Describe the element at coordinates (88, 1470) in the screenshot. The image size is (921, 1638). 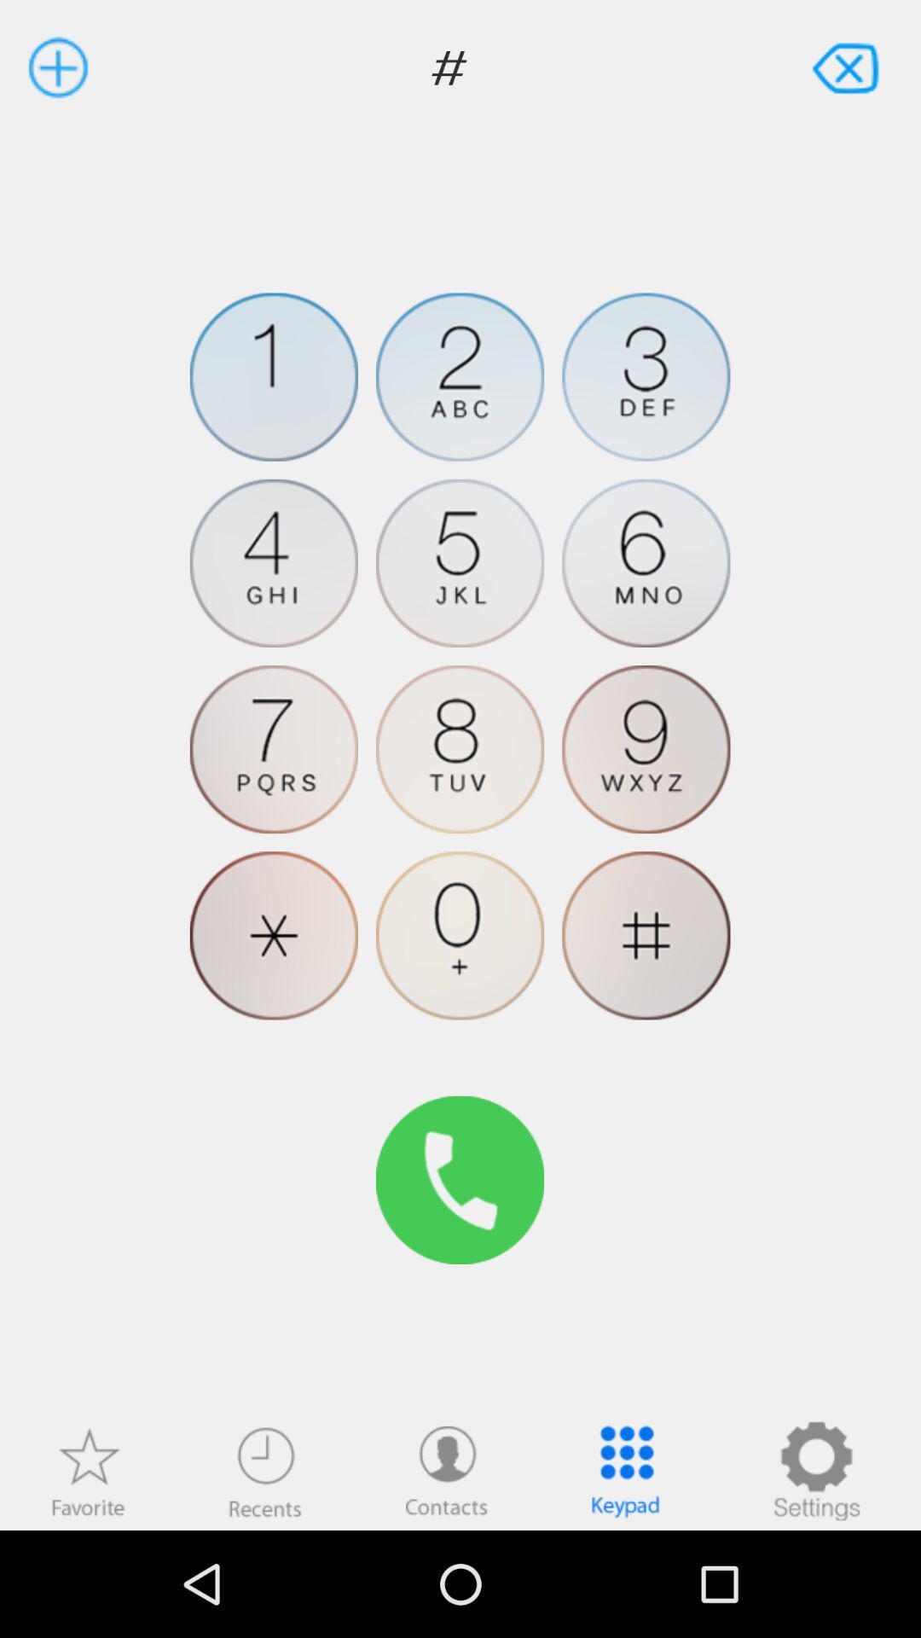
I see `show favorites` at that location.